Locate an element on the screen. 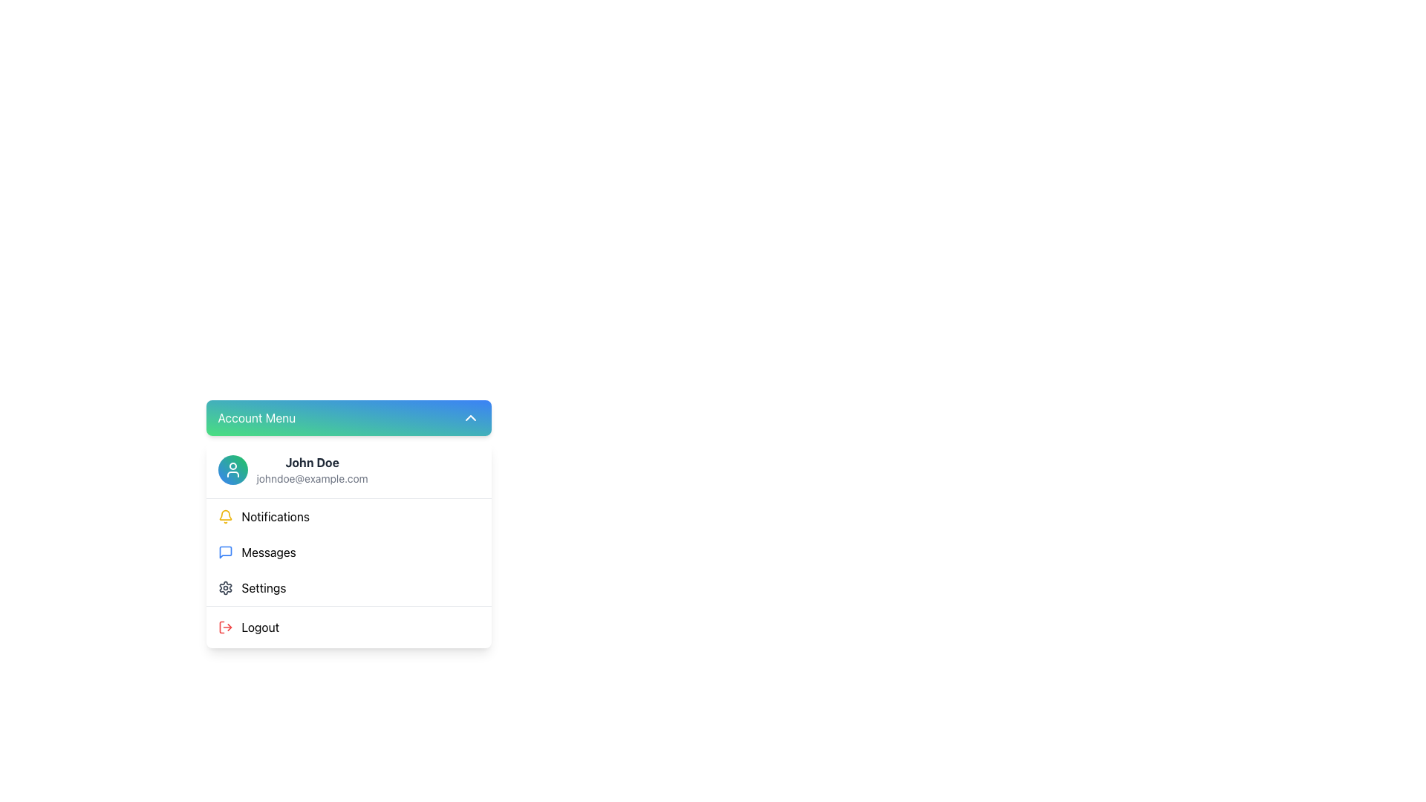 The height and width of the screenshot is (802, 1426). the blue speech bubble icon located to the left of the 'Messages' label in the third row of the dropdown menu in the 'Account Menu' is located at coordinates (224, 552).